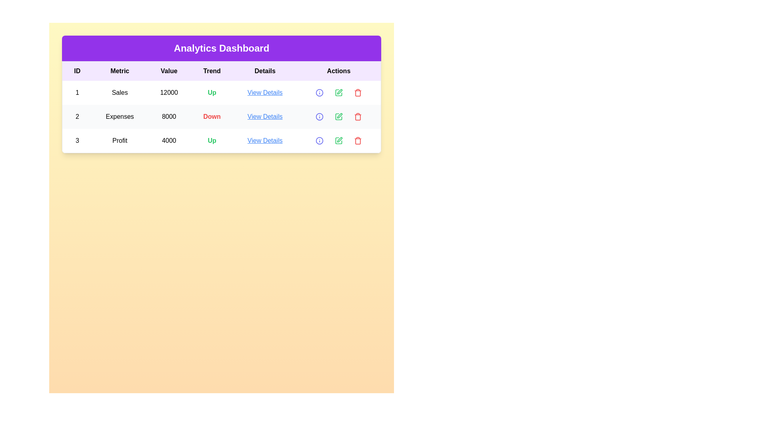 The image size is (768, 432). Describe the element at coordinates (338, 140) in the screenshot. I see `the green edit action button, which is represented by a square with a pen icon` at that location.